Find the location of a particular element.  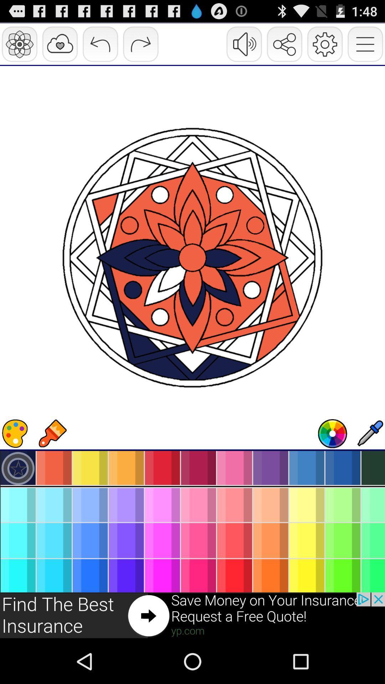

it is notification key is located at coordinates (192, 615).